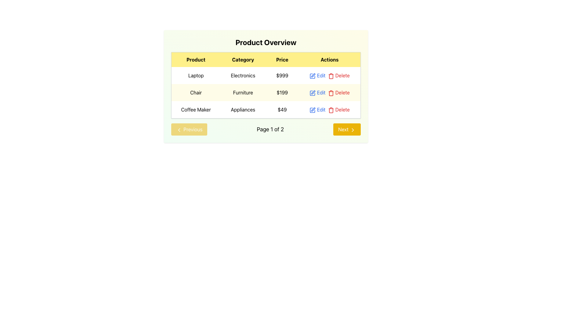  What do you see at coordinates (243, 110) in the screenshot?
I see `the text label that reads 'Appliances' in the third row of the product data table, which is positioned between the 'Coffee Maker' cell and the '$49' cell` at bounding box center [243, 110].